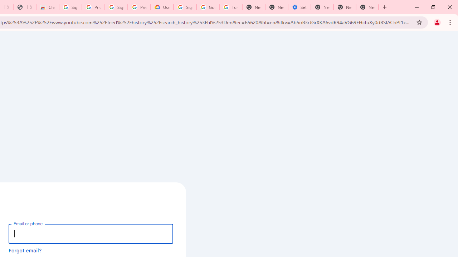 The height and width of the screenshot is (257, 458). Describe the element at coordinates (25, 250) in the screenshot. I see `'Forgot email?'` at that location.